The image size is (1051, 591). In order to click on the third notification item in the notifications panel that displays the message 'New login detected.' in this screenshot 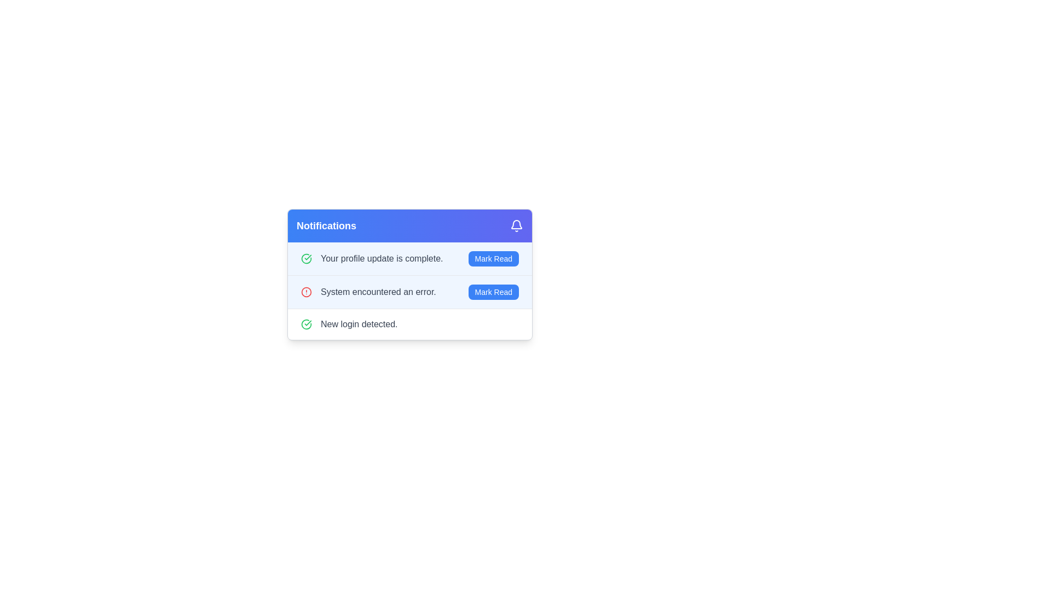, I will do `click(349, 324)`.